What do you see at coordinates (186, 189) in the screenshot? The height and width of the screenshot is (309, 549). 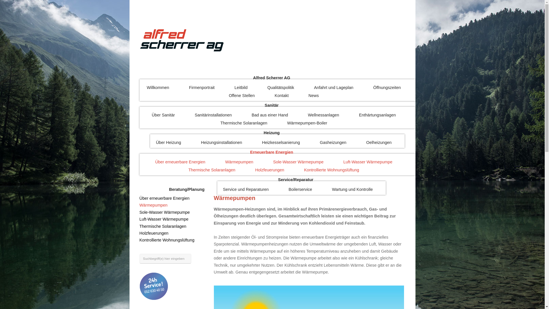 I see `'Beratung/Planung'` at bounding box center [186, 189].